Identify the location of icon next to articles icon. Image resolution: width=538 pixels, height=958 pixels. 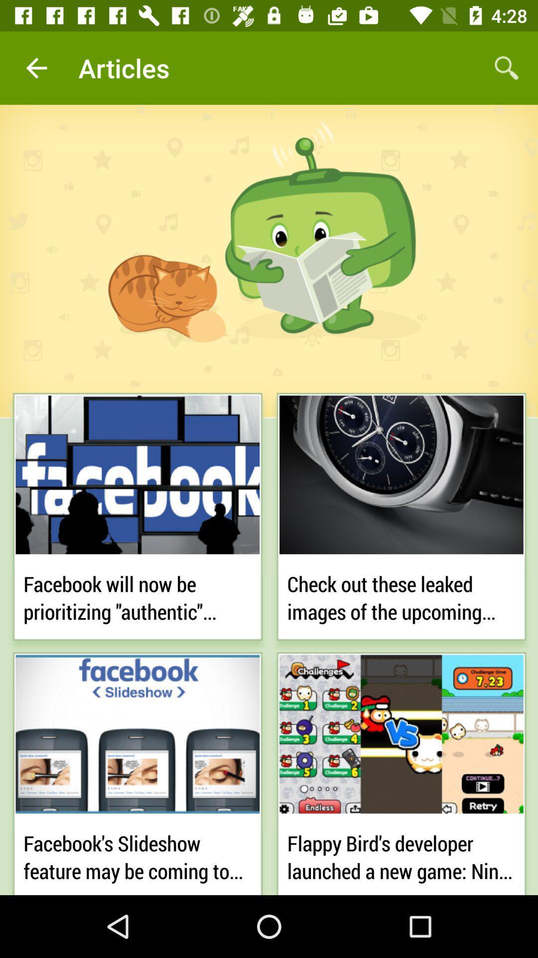
(36, 67).